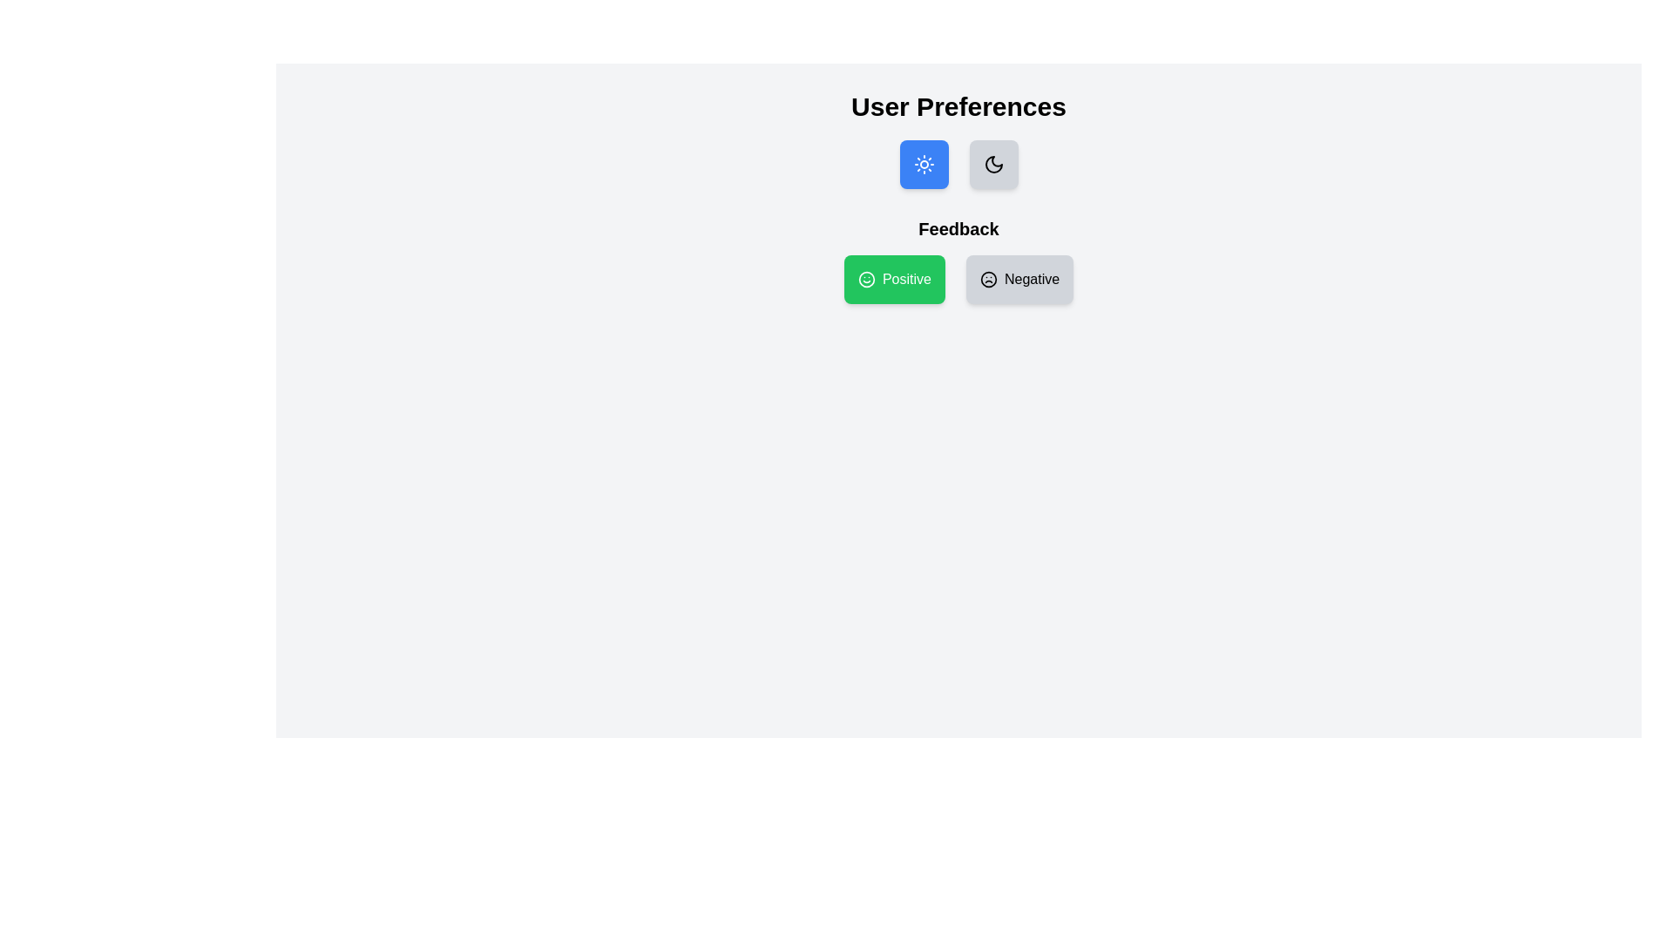 The height and width of the screenshot is (941, 1673). Describe the element at coordinates (923, 165) in the screenshot. I see `the sun icon button, which symbolizes light mode in the user interface, located within a blue rounded rectangle under the 'User Preferences' heading` at that location.